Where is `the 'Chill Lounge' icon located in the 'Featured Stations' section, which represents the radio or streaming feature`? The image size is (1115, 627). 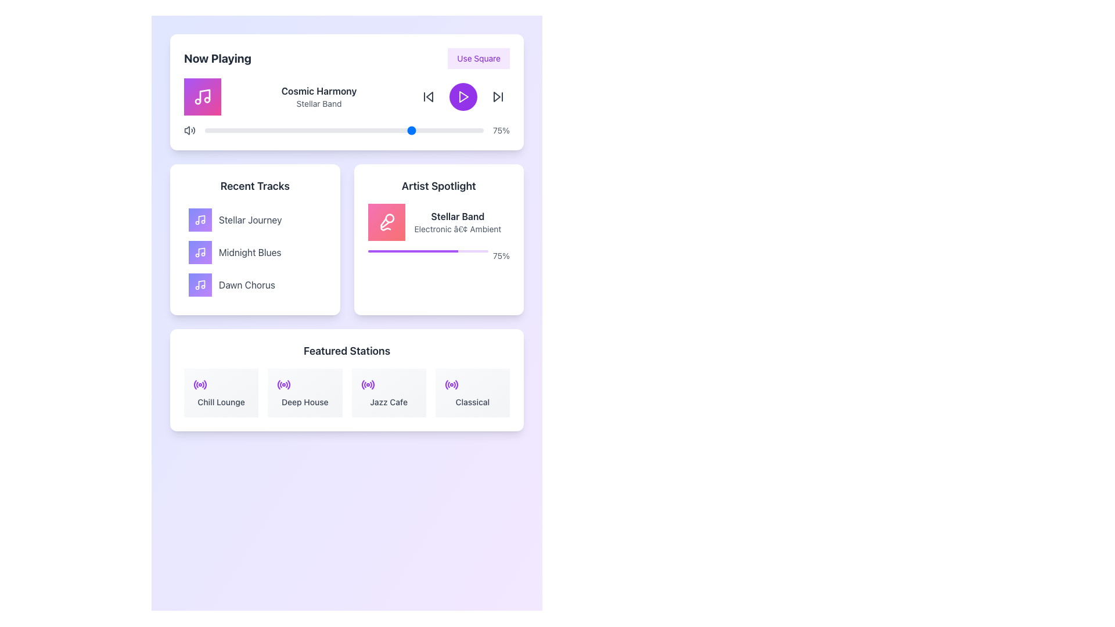
the 'Chill Lounge' icon located in the 'Featured Stations' section, which represents the radio or streaming feature is located at coordinates (200, 385).